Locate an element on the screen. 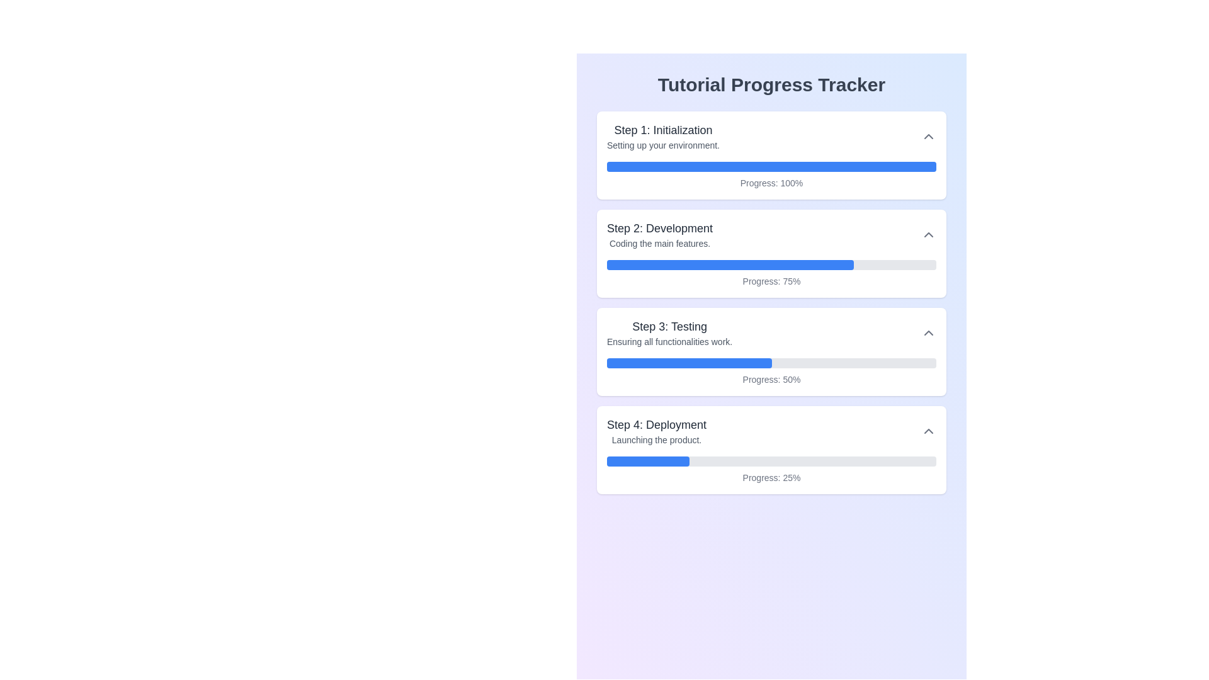 This screenshot has height=680, width=1209. the progress bar of the fourth informational card in the 'Tutorial Progress Tracker' to understand the percentage completion (25%) is located at coordinates (771, 449).